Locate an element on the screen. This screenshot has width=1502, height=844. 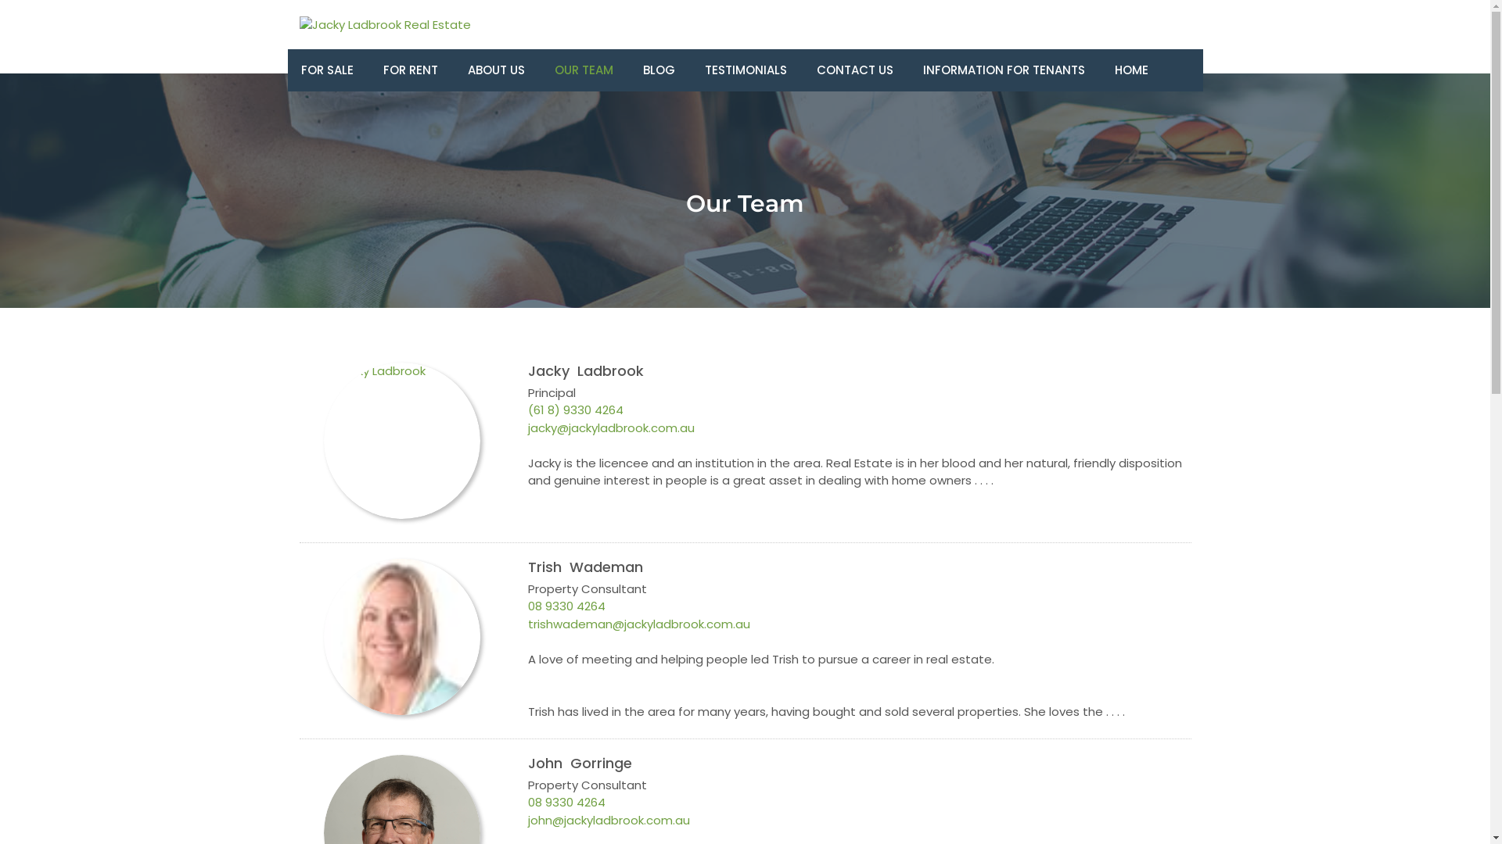
'Jacky Ladbrook Real Estate' is located at coordinates (384, 25).